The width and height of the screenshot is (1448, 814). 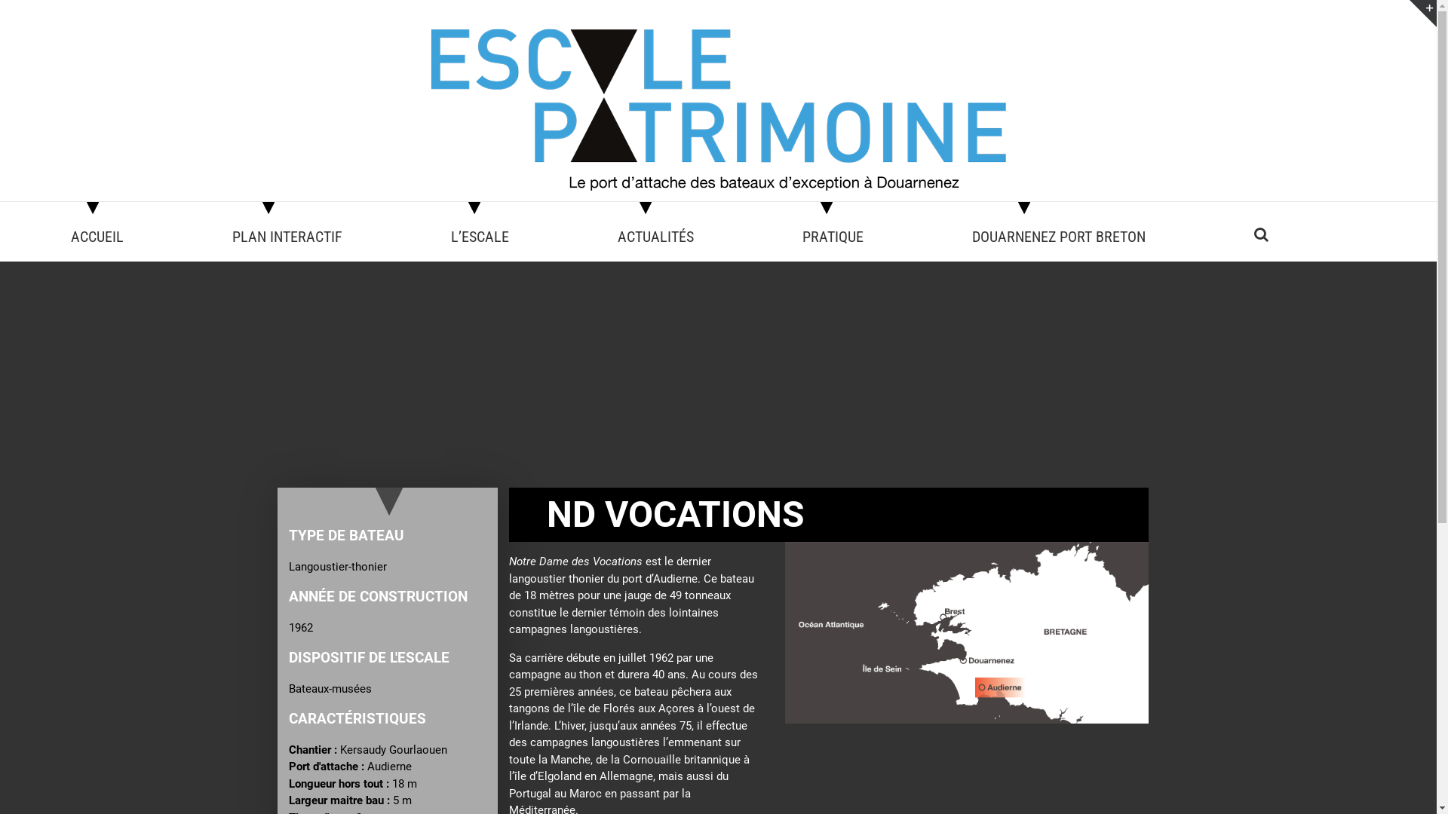 What do you see at coordinates (972, 234) in the screenshot?
I see `'DOUARNENEZ PORT BRETON'` at bounding box center [972, 234].